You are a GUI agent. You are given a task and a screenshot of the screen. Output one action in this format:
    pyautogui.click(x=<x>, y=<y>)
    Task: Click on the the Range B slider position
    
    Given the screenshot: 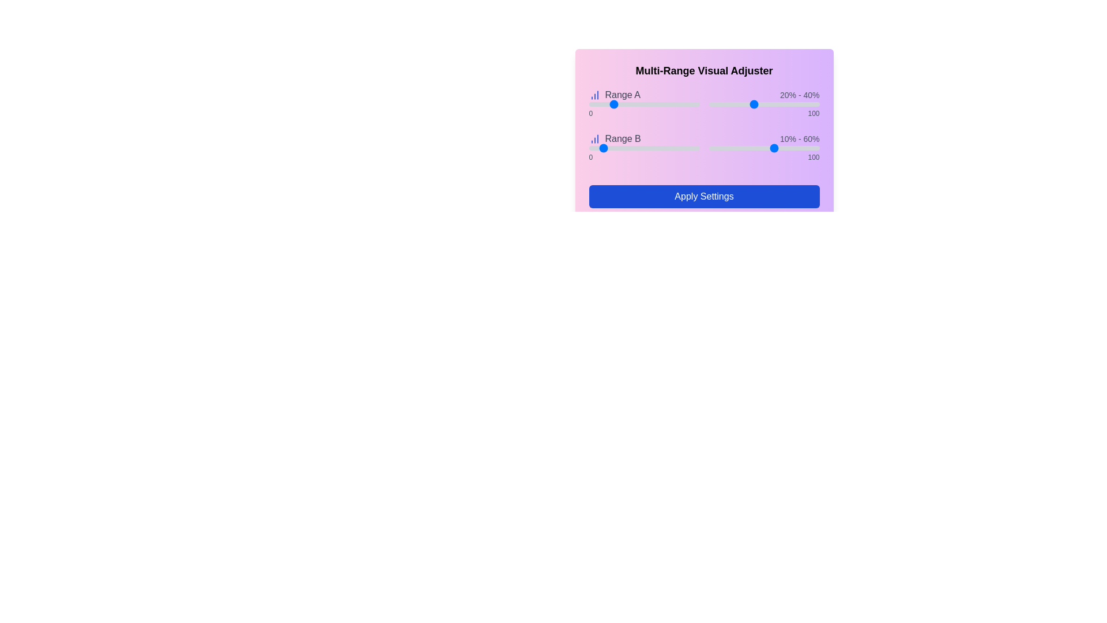 What is the action you would take?
    pyautogui.click(x=593, y=148)
    